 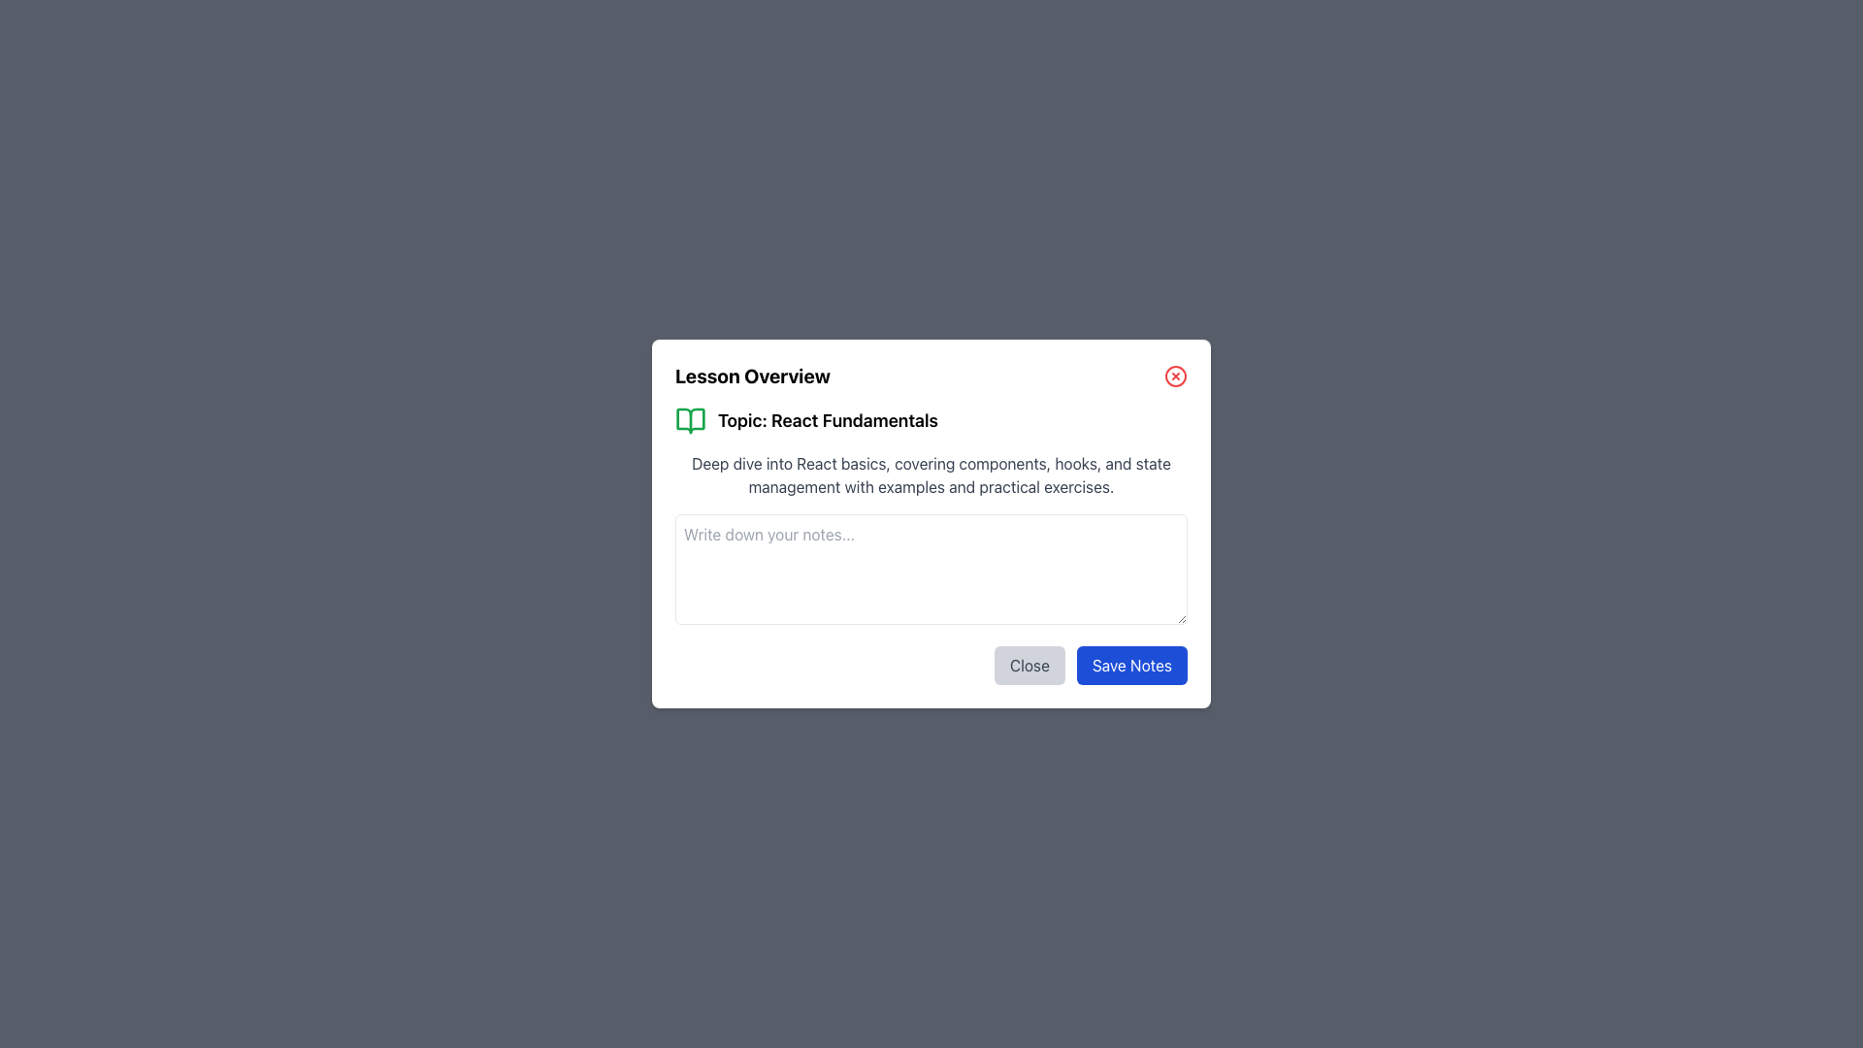 What do you see at coordinates (931, 420) in the screenshot?
I see `the label section containing the text 'Topic: React Fundamentals' and the green open book icon` at bounding box center [931, 420].